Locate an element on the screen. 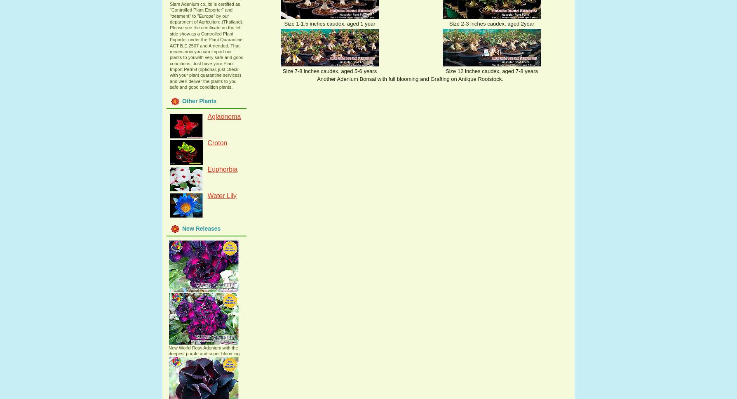 This screenshot has height=399, width=737. 'New Releases' is located at coordinates (201, 228).